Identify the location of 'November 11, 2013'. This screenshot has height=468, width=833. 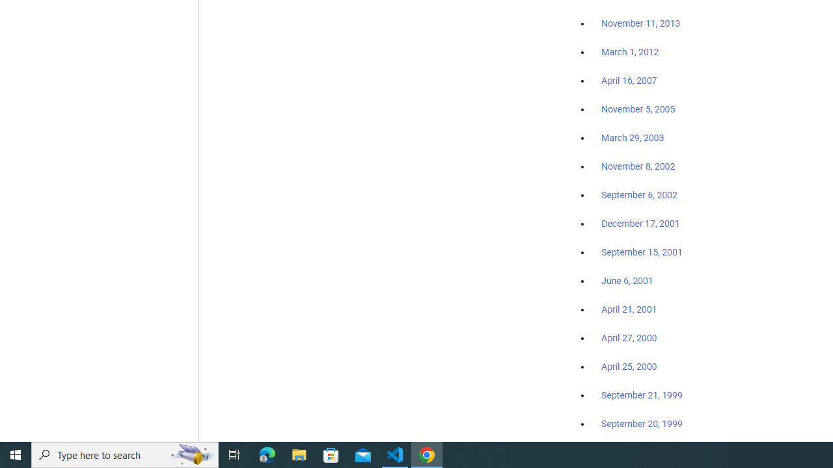
(640, 24).